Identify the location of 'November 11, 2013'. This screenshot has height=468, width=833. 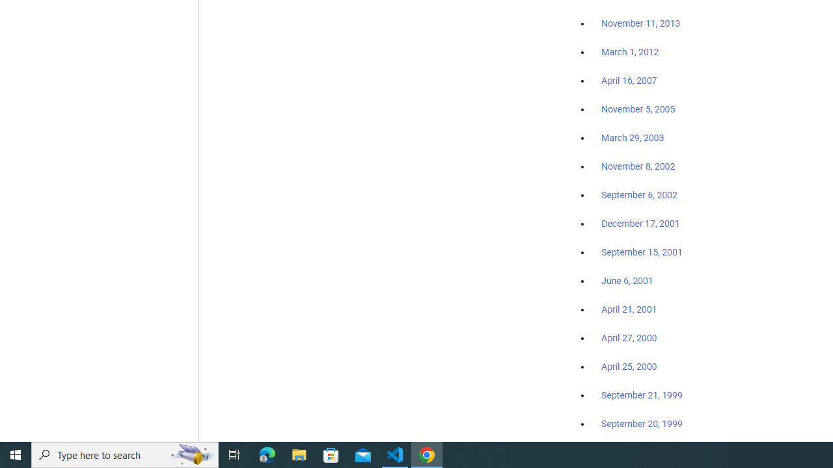
(640, 24).